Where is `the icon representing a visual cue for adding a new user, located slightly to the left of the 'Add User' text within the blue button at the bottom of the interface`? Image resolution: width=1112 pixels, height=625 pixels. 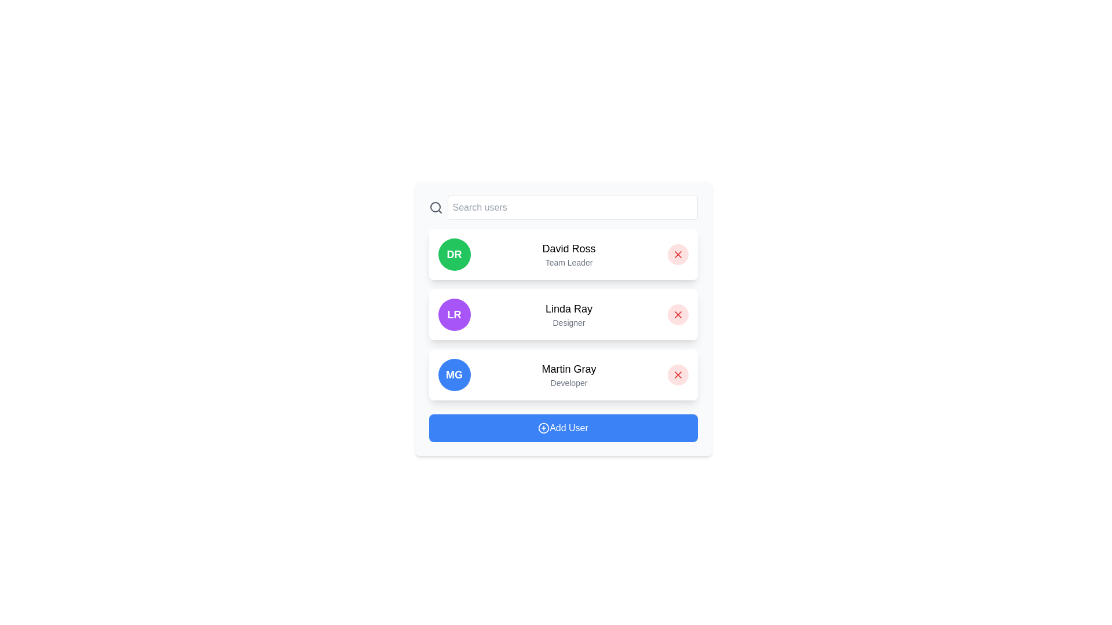 the icon representing a visual cue for adding a new user, located slightly to the left of the 'Add User' text within the blue button at the bottom of the interface is located at coordinates (543, 428).